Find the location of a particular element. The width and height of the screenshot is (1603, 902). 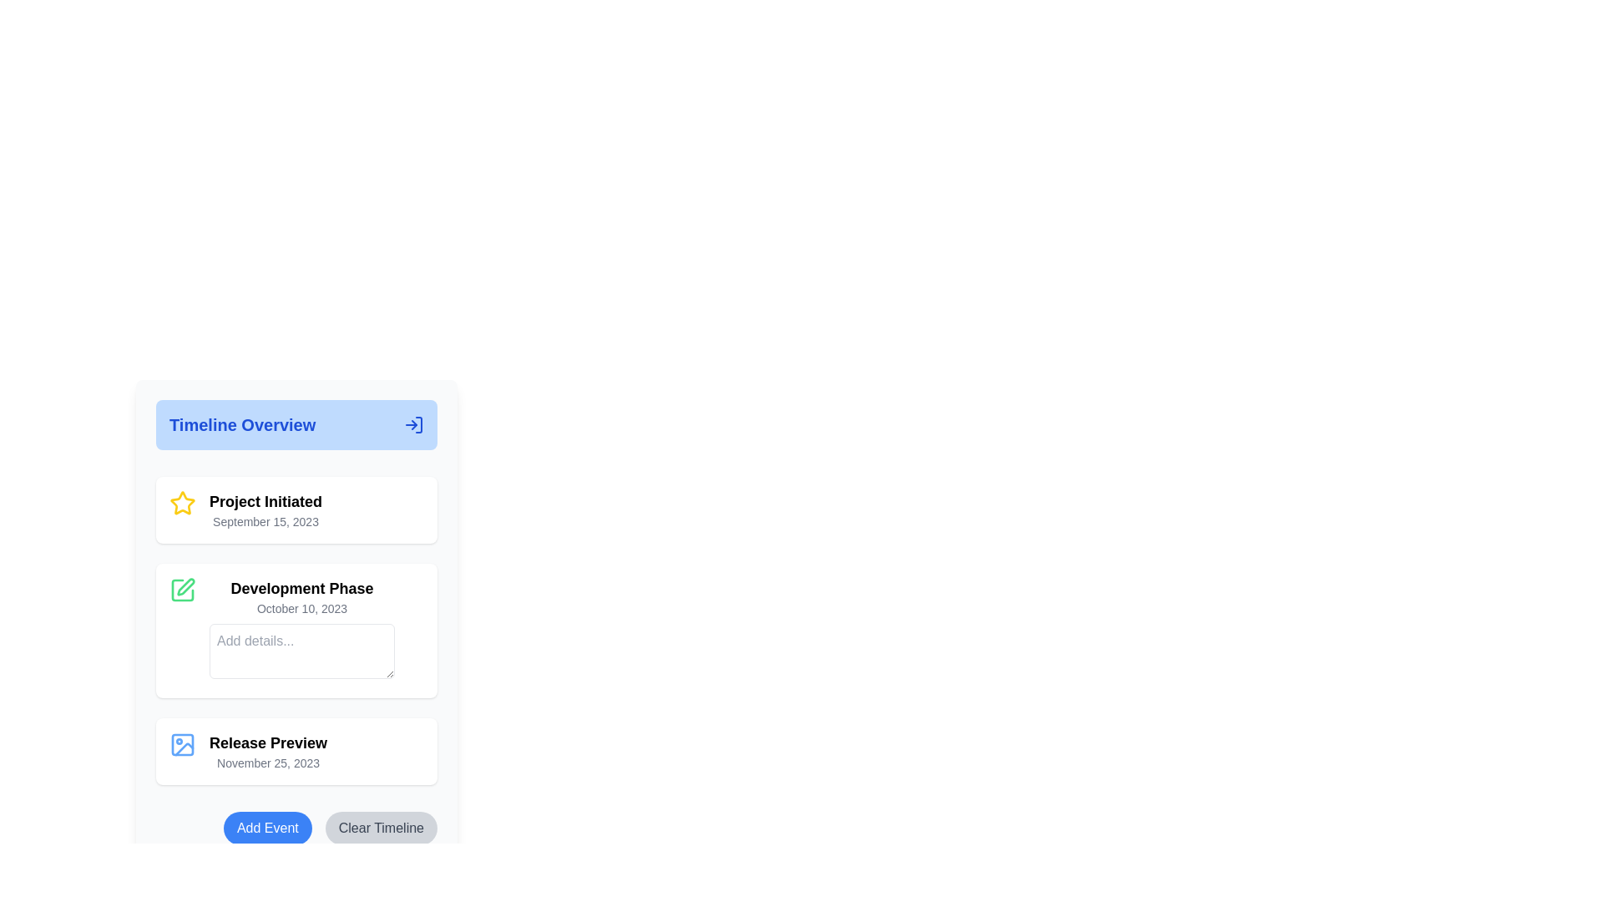

the edit icon button located in the top-left corner of the 'Development Phase' section is located at coordinates (183, 589).